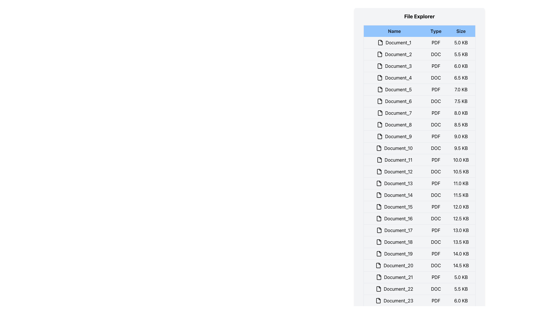 The image size is (550, 309). Describe the element at coordinates (461, 113) in the screenshot. I see `the text element displaying '8.0 KB' in the 'Size' column of the file explorer list for 'Document_7'` at that location.